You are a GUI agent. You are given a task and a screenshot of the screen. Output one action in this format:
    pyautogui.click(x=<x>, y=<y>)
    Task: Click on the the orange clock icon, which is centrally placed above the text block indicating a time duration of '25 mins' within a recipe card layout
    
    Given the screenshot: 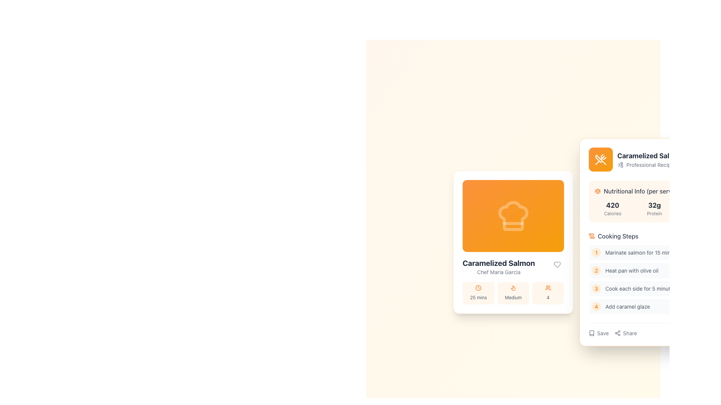 What is the action you would take?
    pyautogui.click(x=478, y=287)
    